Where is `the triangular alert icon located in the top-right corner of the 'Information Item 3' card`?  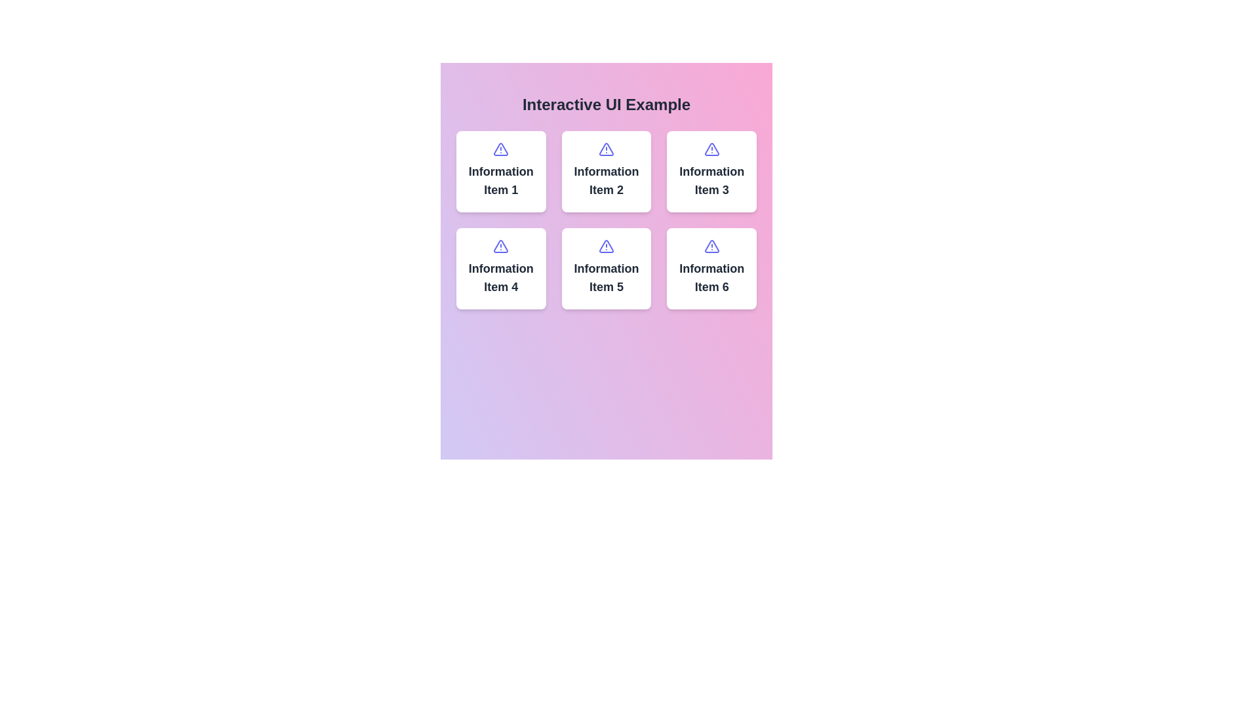
the triangular alert icon located in the top-right corner of the 'Information Item 3' card is located at coordinates (711, 148).